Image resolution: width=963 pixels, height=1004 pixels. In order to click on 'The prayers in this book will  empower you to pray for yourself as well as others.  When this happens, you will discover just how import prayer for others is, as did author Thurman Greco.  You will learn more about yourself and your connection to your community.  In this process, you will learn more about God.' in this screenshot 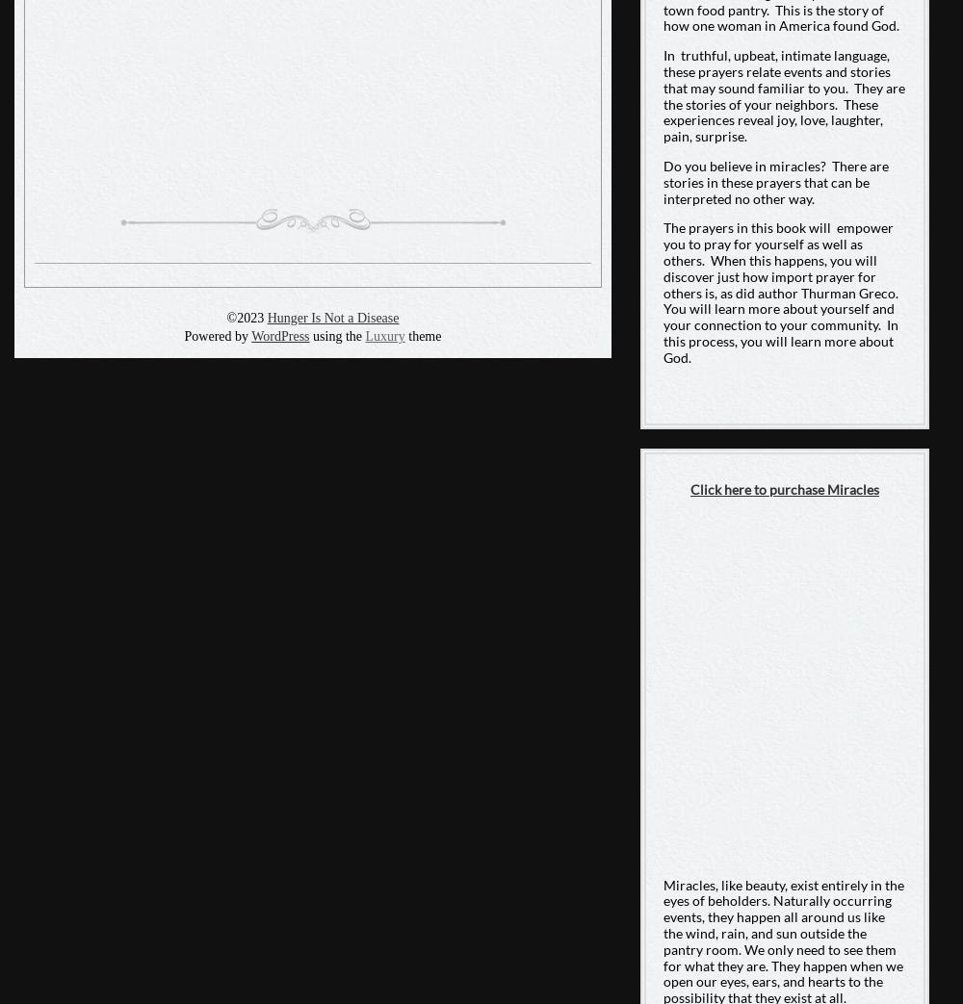, I will do `click(781, 291)`.